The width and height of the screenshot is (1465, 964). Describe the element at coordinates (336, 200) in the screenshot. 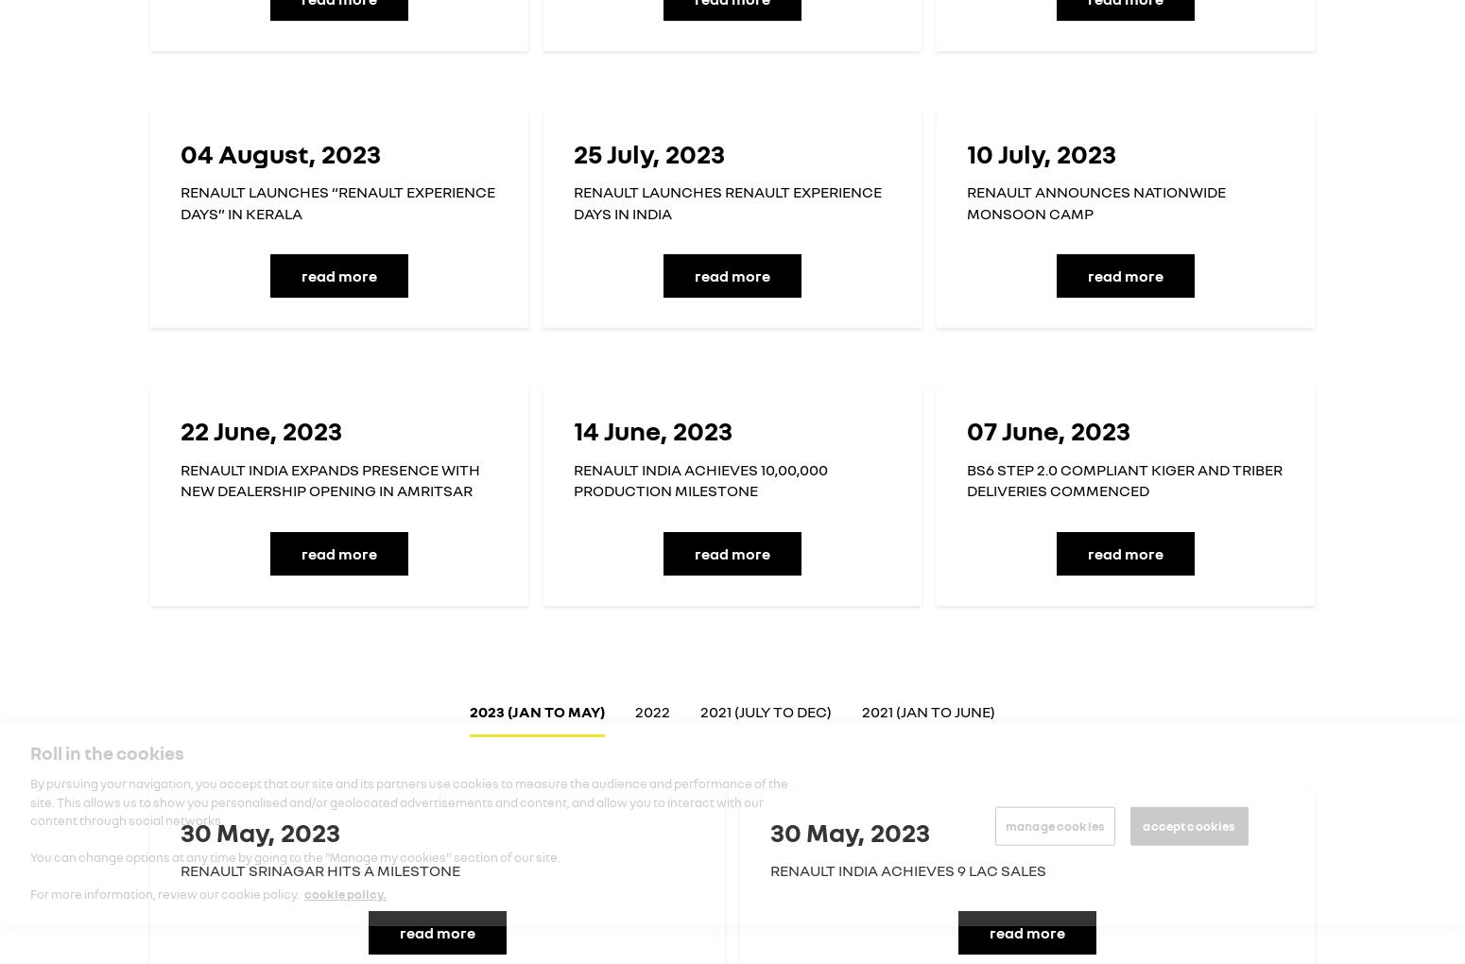

I see `'RENAULT LAUNCHES “RENAULT EXPERIENCE DAYS” IN KERALA'` at that location.